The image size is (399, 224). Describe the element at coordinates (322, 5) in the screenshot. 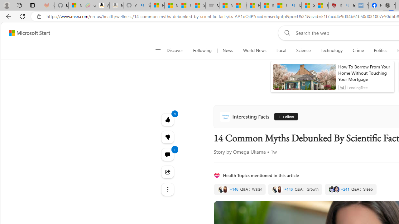

I see `'12 Popular Science Lies that Must be Corrected'` at that location.